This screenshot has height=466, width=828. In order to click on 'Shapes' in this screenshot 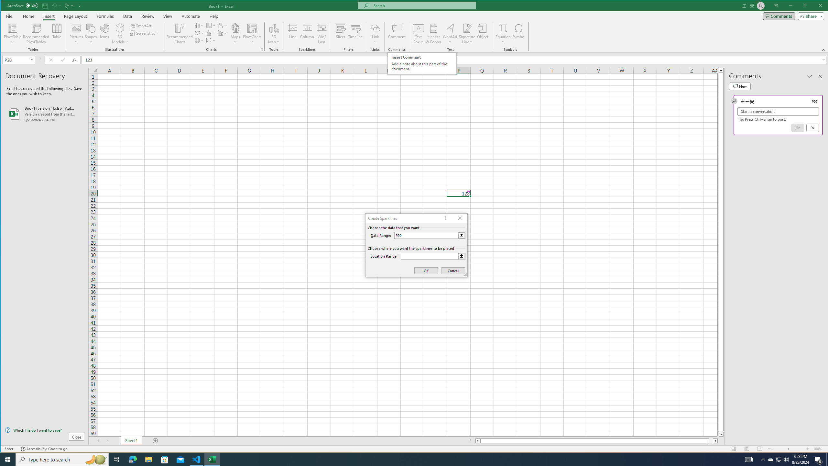, I will do `click(91, 33)`.